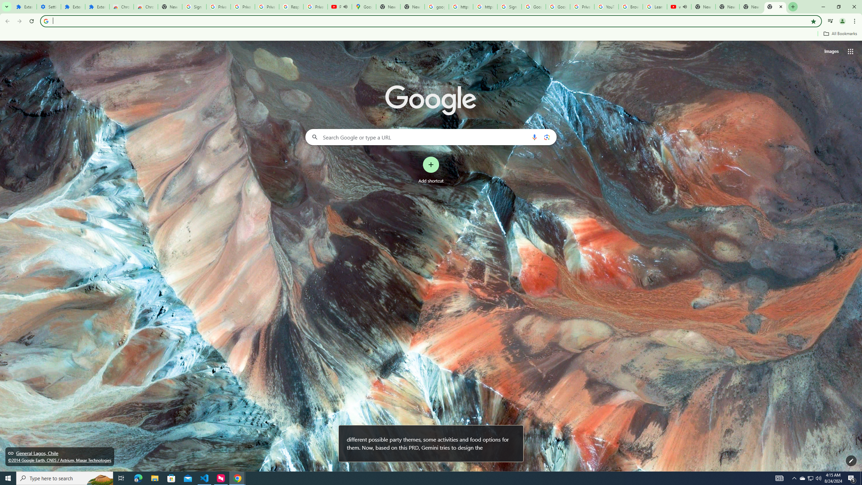 This screenshot has width=862, height=485. Describe the element at coordinates (97, 6) in the screenshot. I see `'Extensions'` at that location.